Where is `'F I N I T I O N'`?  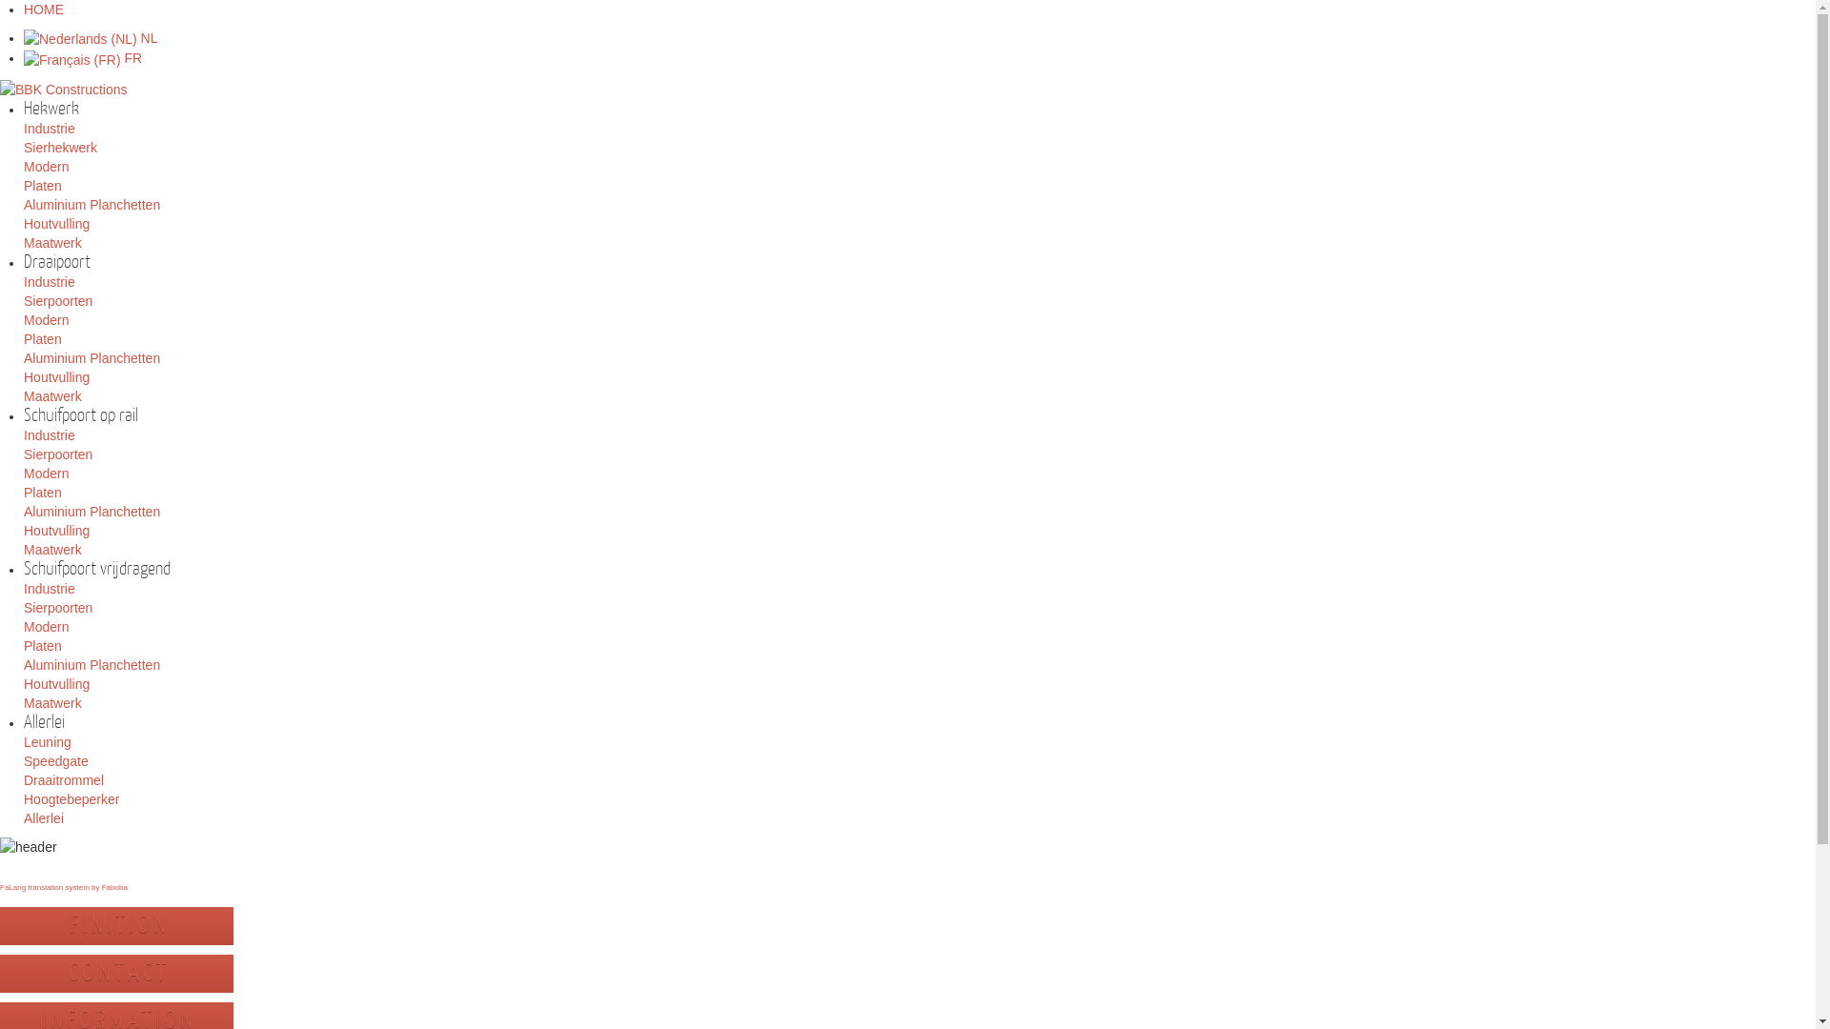
'F I N I T I O N' is located at coordinates (114, 924).